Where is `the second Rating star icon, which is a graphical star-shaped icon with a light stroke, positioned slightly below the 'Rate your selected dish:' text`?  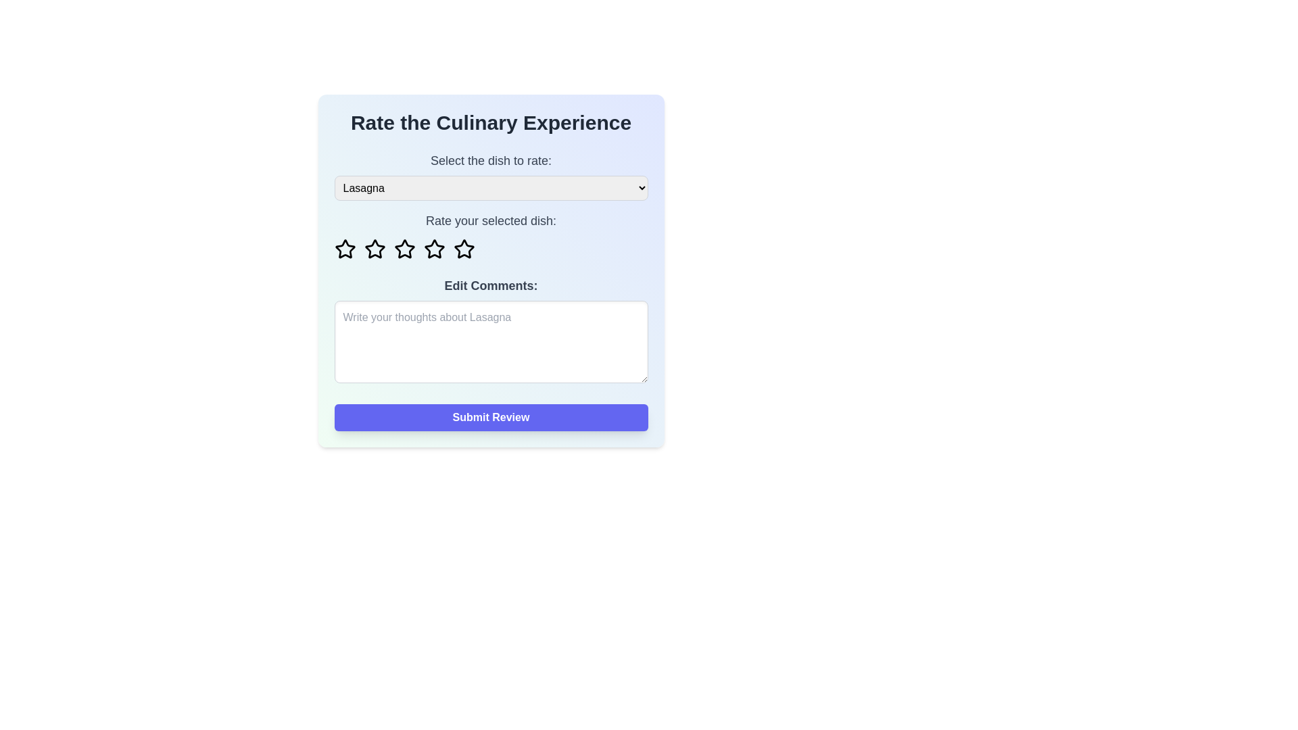 the second Rating star icon, which is a graphical star-shaped icon with a light stroke, positioned slightly below the 'Rate your selected dish:' text is located at coordinates (375, 249).